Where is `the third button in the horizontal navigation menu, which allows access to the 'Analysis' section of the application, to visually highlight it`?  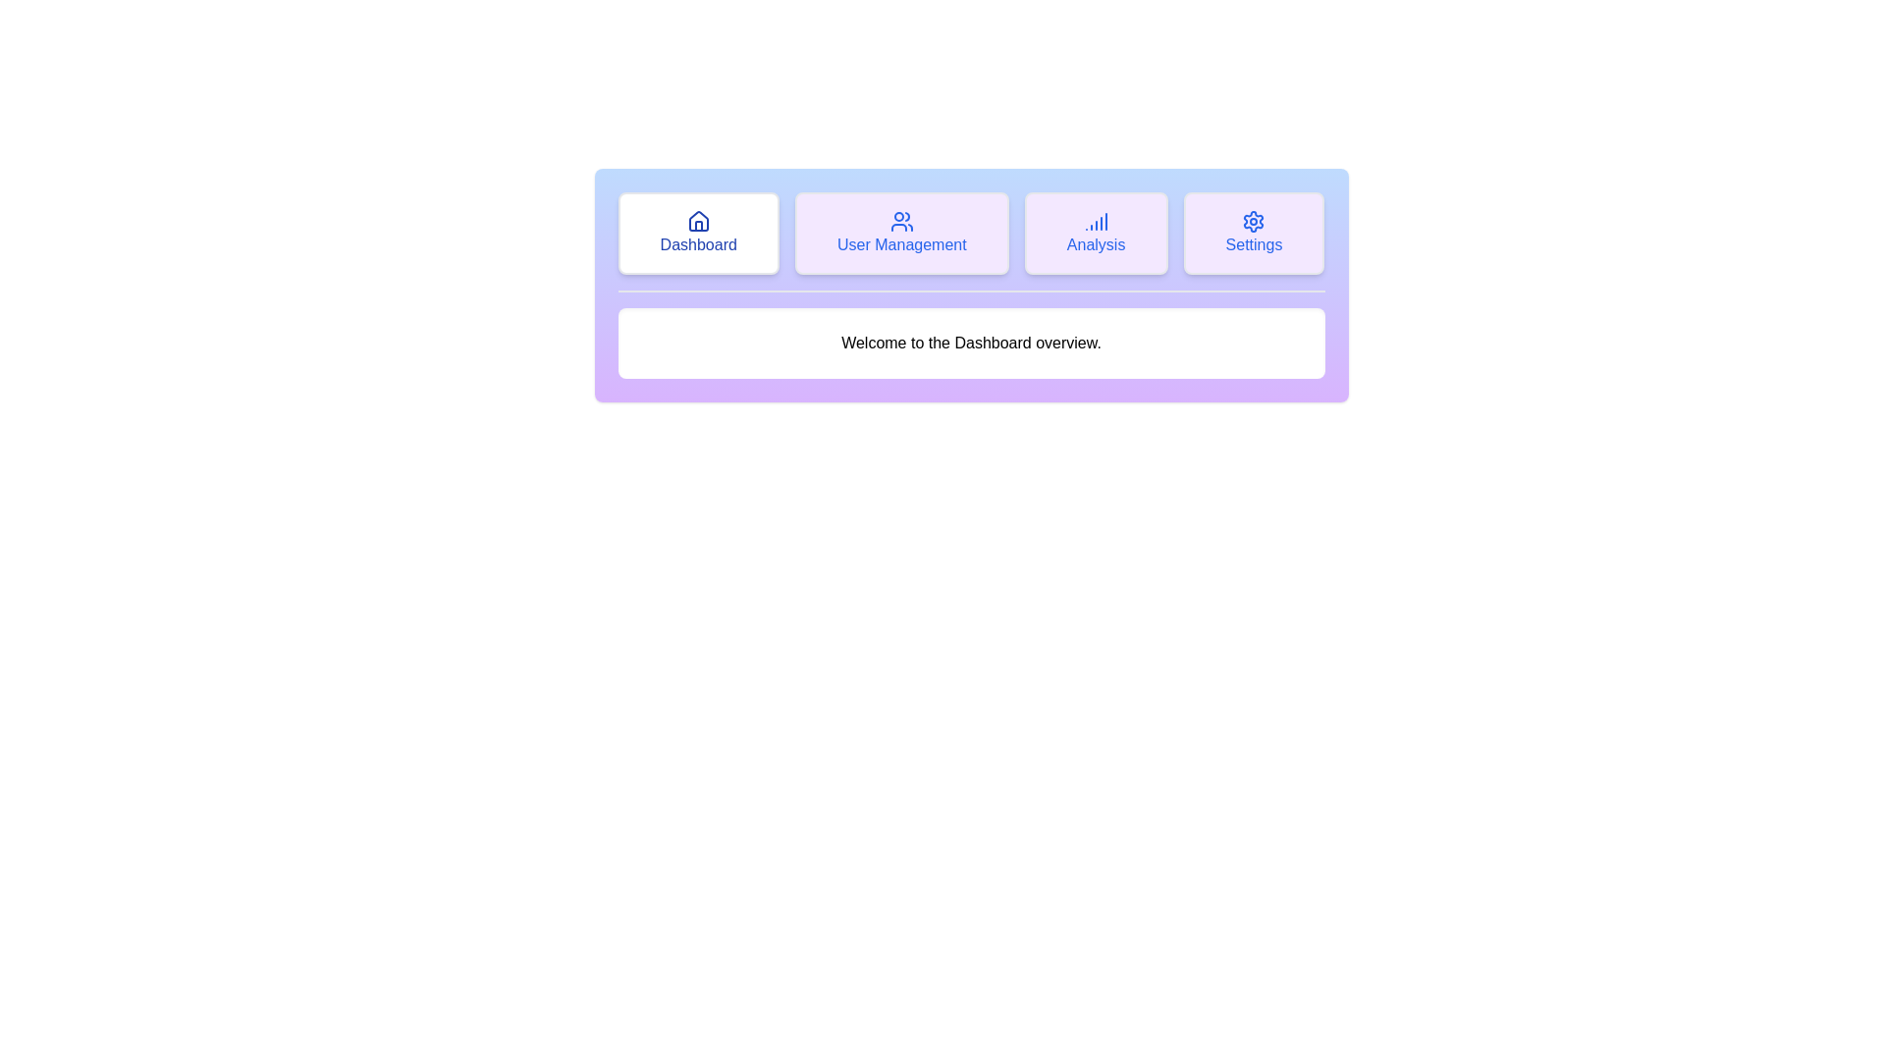 the third button in the horizontal navigation menu, which allows access to the 'Analysis' section of the application, to visually highlight it is located at coordinates (1095, 233).